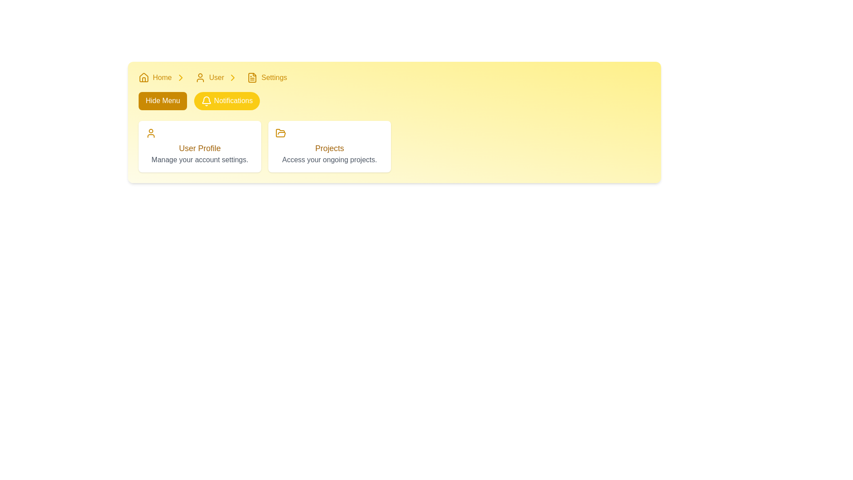 The height and width of the screenshot is (480, 853). Describe the element at coordinates (227, 100) in the screenshot. I see `the button` at that location.